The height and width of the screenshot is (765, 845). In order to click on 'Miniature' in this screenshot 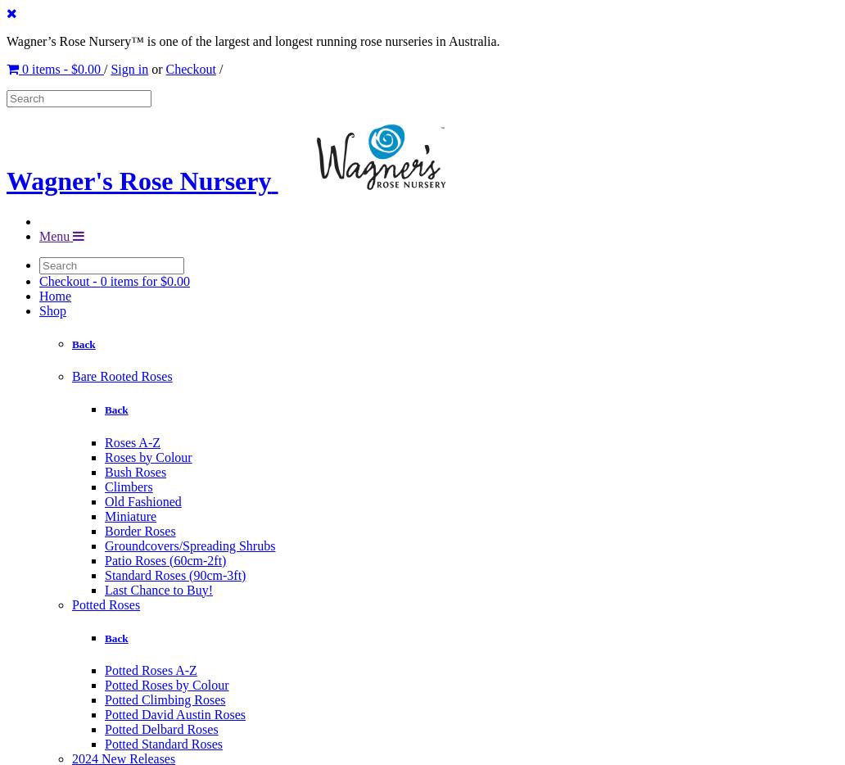, I will do `click(104, 515)`.